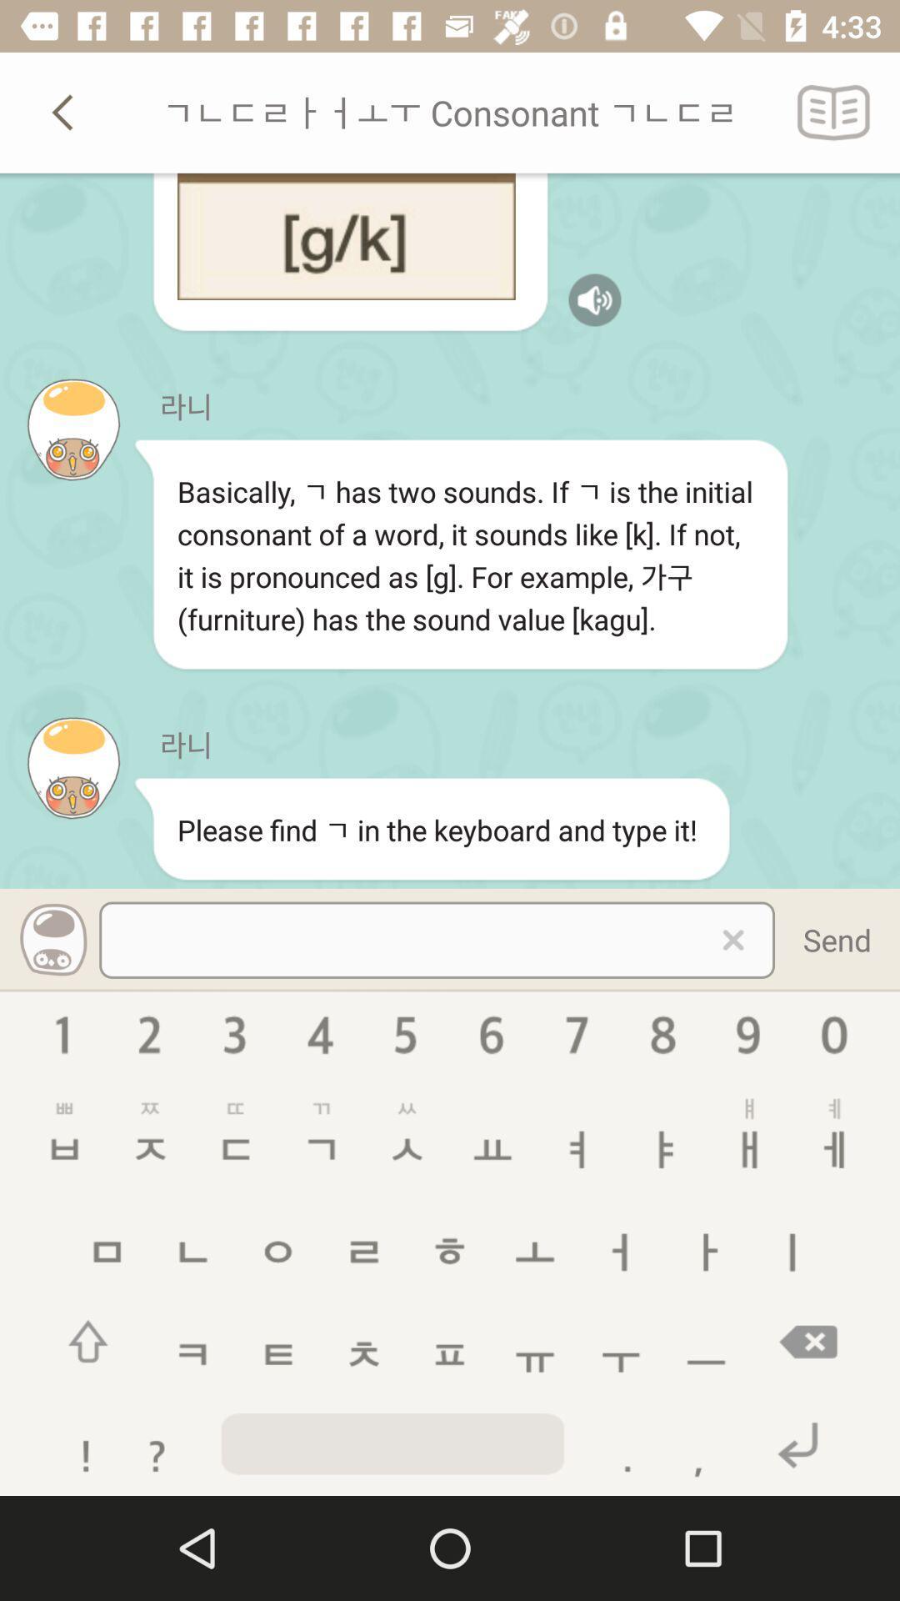 The width and height of the screenshot is (900, 1601). I want to click on the add icon, so click(706, 1239).